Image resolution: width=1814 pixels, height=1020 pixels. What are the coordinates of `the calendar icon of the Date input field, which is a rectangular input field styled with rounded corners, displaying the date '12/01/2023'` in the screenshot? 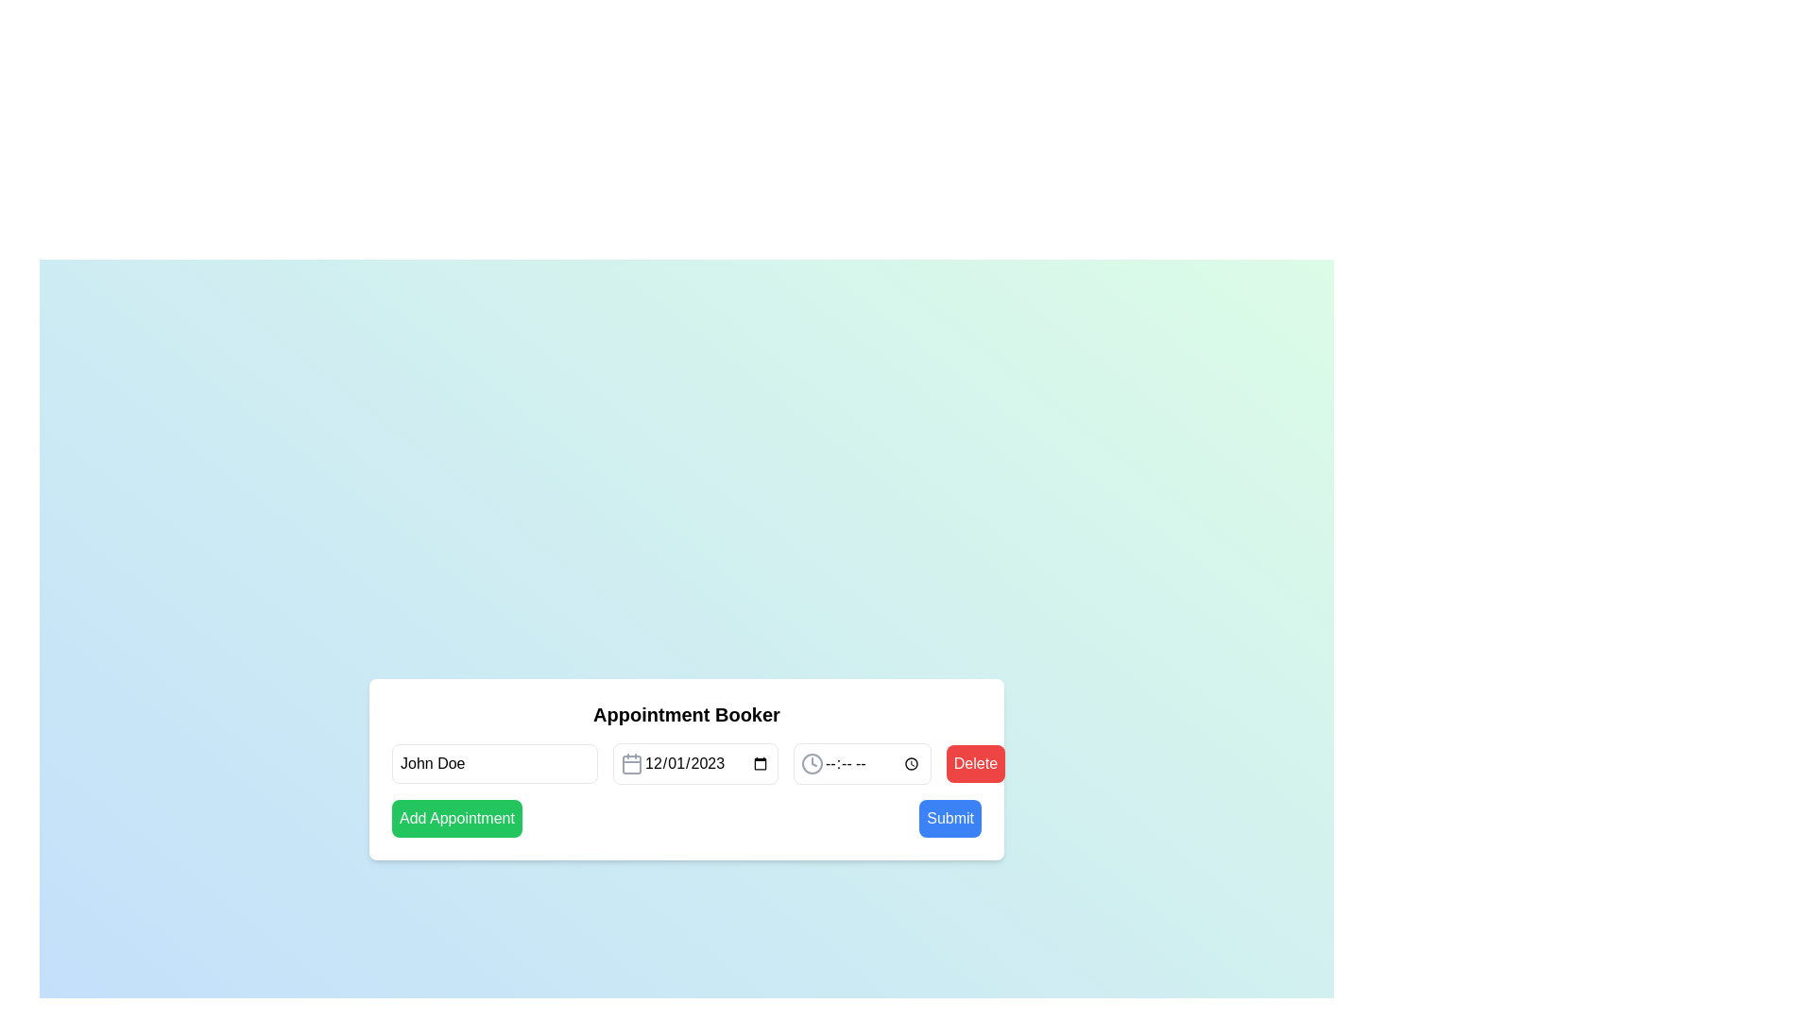 It's located at (694, 763).